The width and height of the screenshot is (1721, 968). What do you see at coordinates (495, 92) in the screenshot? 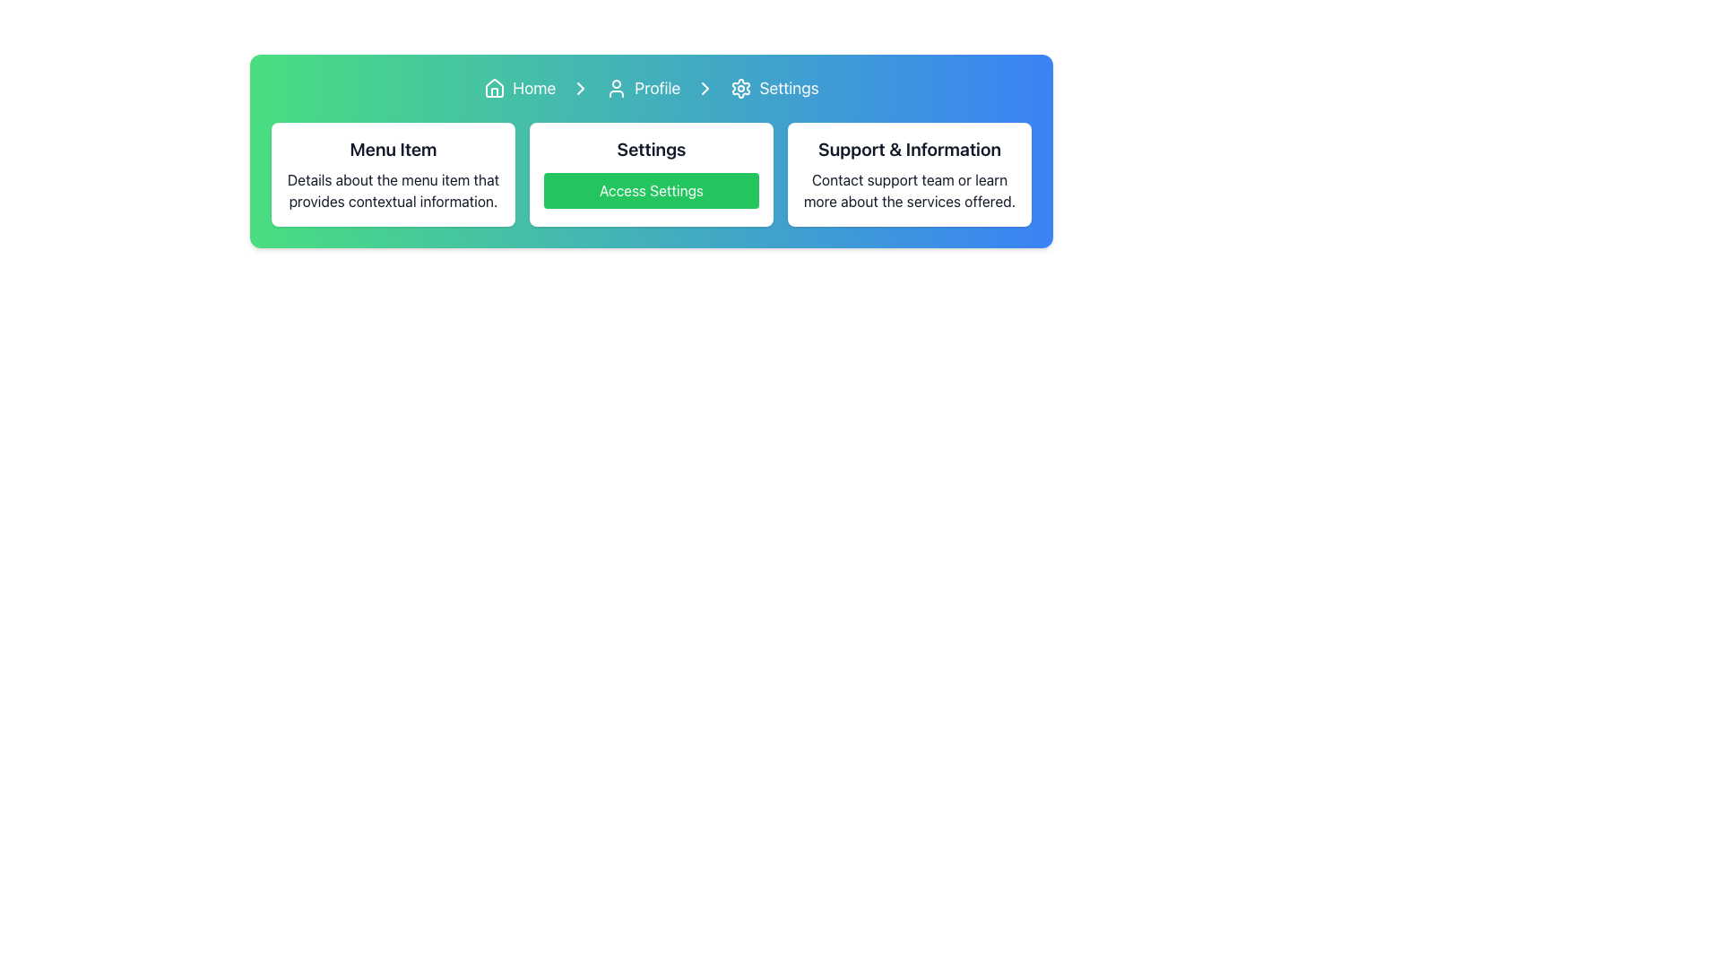
I see `the door component of the house icon, which is a vertical rectangle with a rounded top, located centrally under the triangular roof` at bounding box center [495, 92].